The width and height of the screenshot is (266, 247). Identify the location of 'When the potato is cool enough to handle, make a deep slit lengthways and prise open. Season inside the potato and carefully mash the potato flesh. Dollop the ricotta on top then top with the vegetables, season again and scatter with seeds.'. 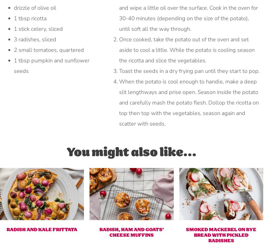
(119, 102).